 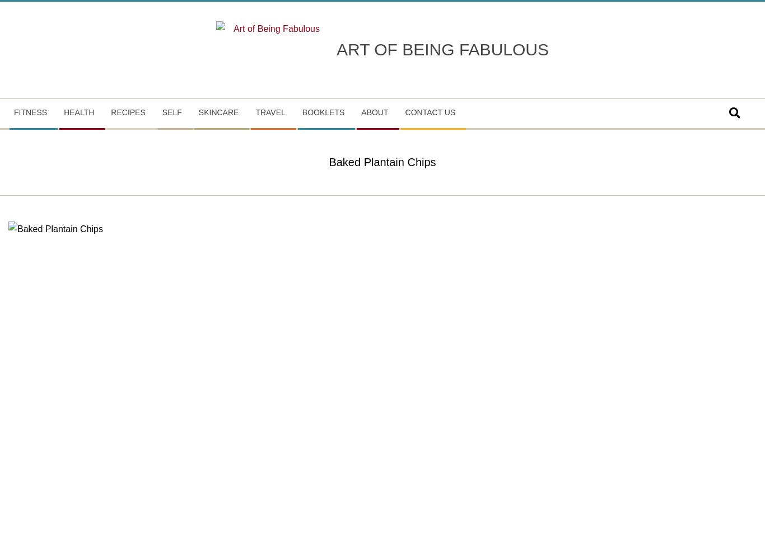 I want to click on 'Health', so click(x=78, y=111).